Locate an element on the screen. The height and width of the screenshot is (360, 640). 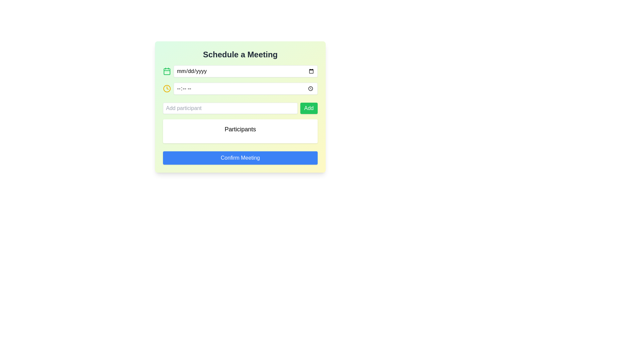
the date and time input fields located centrally in the 'Schedule a Meeting' section, which includes a calendar icon for date and a clock icon for time is located at coordinates (240, 79).